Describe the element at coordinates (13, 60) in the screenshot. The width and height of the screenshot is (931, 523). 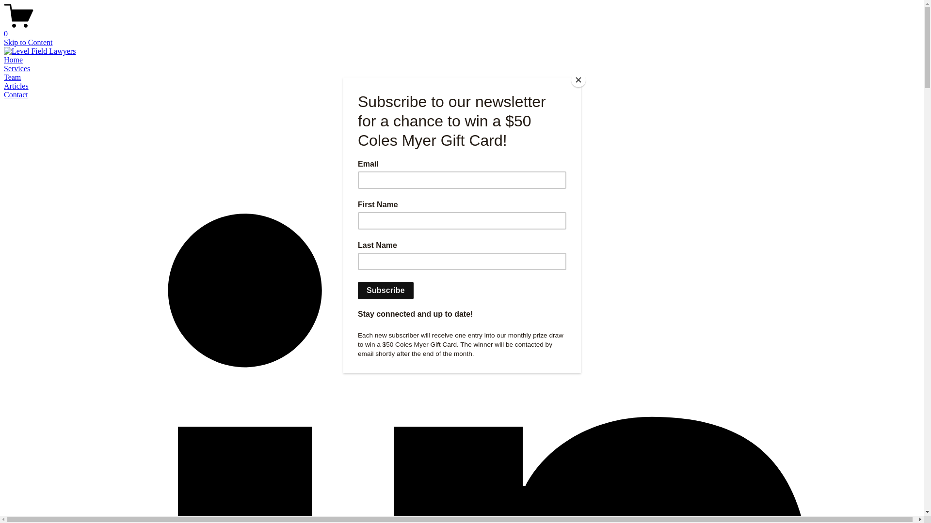
I see `'Home'` at that location.